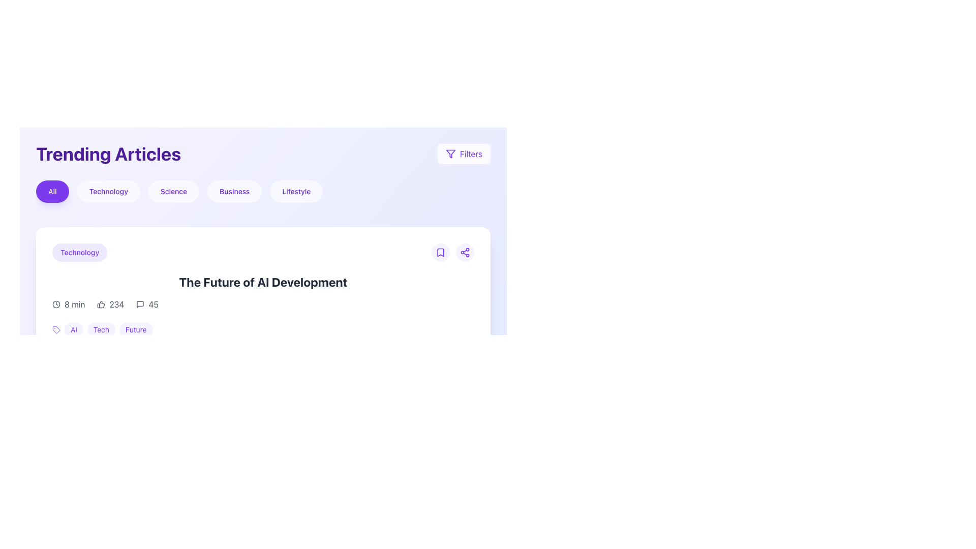  What do you see at coordinates (140, 303) in the screenshot?
I see `the comments icon located to the immediate left of the text '45' in the middle-right section of the article snippet` at bounding box center [140, 303].